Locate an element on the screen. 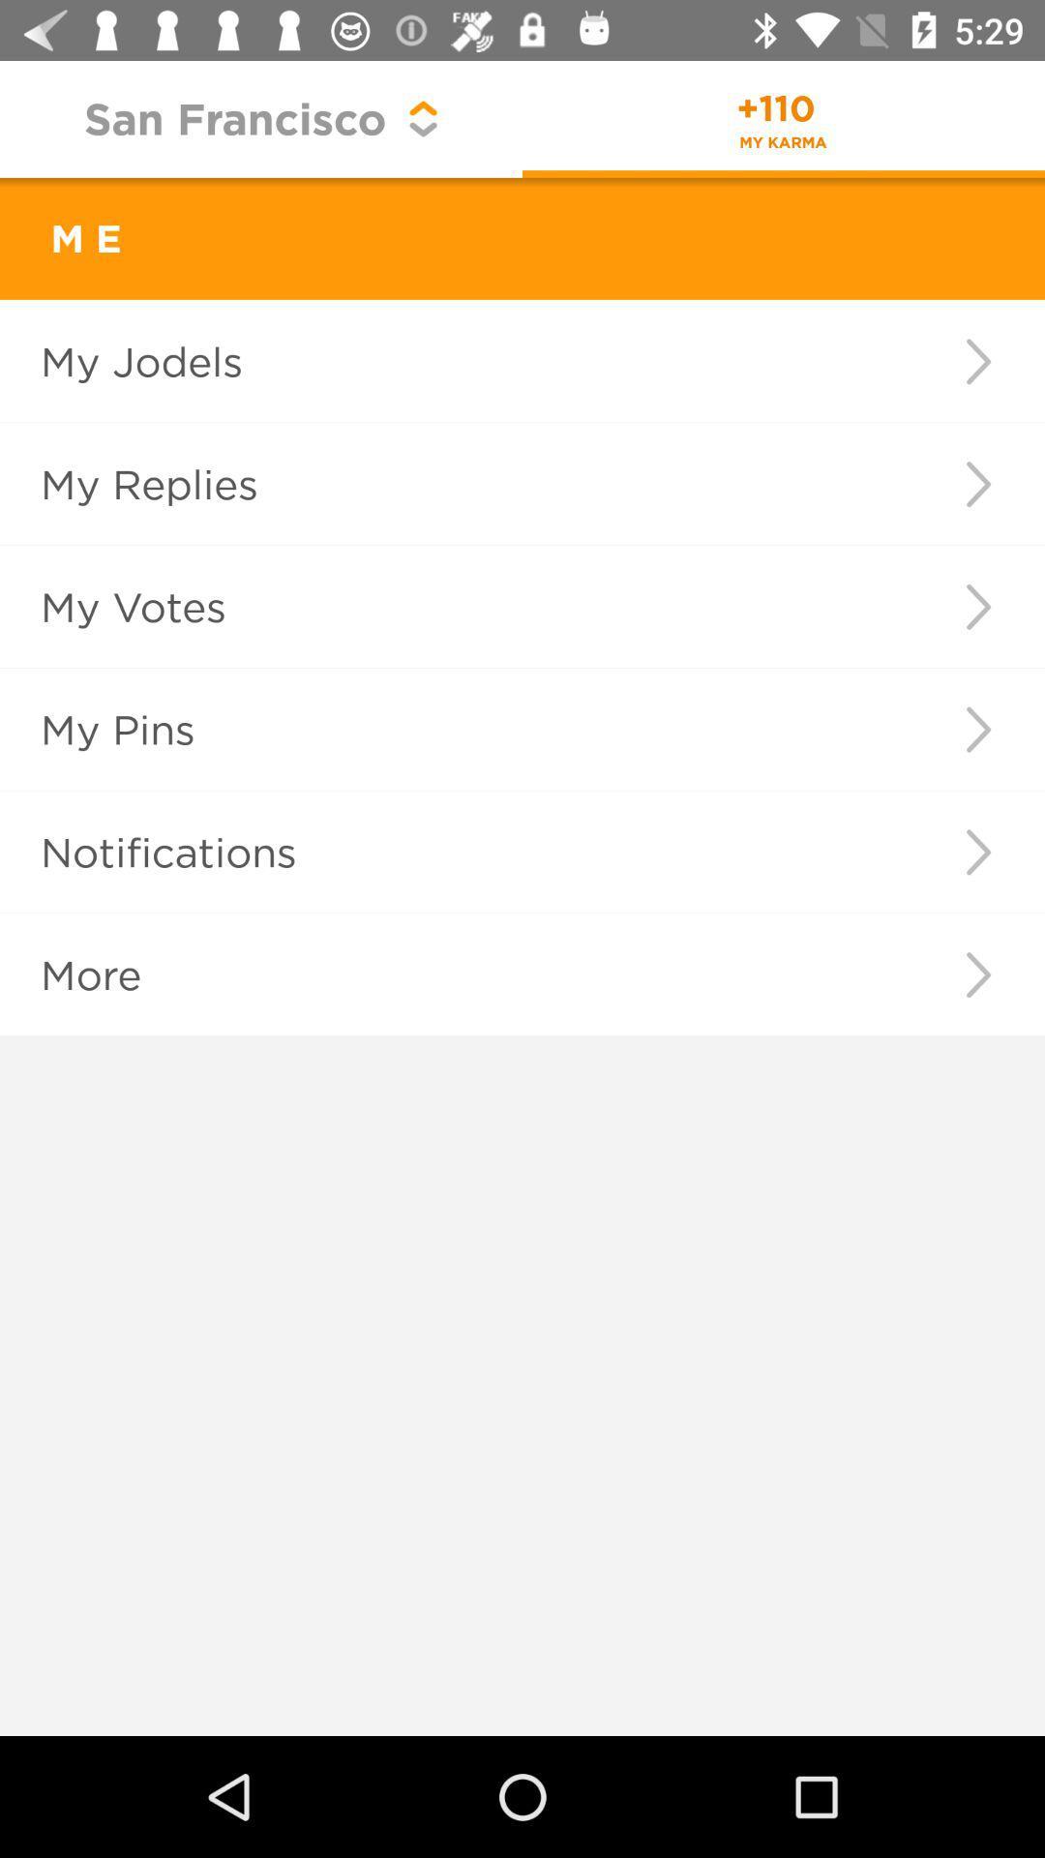 The image size is (1045, 1858). item to the right of the my replies item is located at coordinates (978, 484).